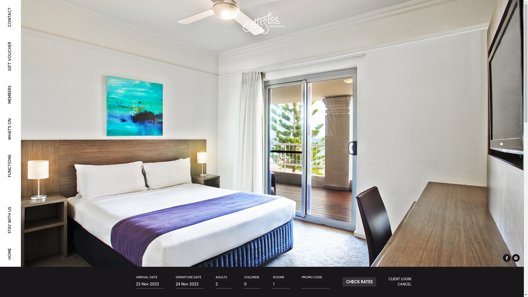  I want to click on 'CHECK RATES', so click(342, 282).